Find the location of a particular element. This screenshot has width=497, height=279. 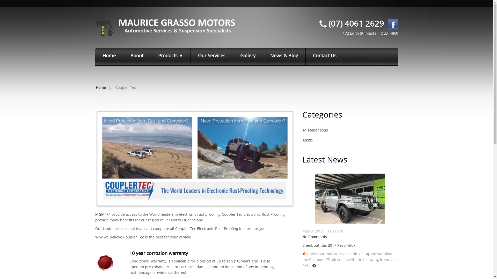

'About' is located at coordinates (137, 56).